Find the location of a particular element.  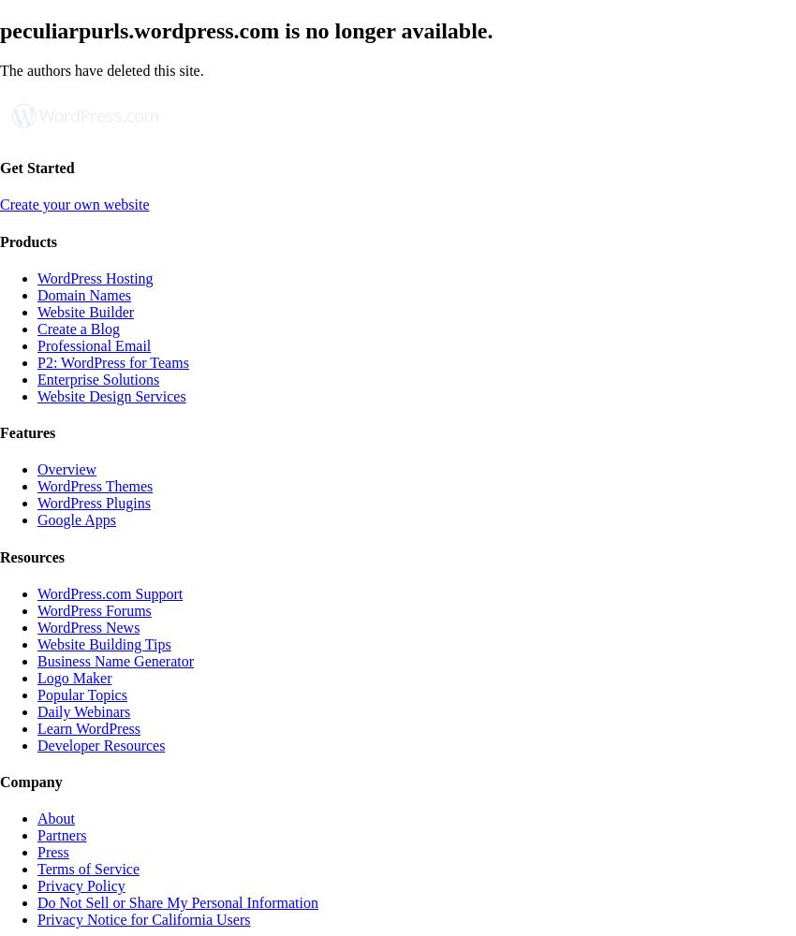

'WordPress.com Support' is located at coordinates (109, 592).